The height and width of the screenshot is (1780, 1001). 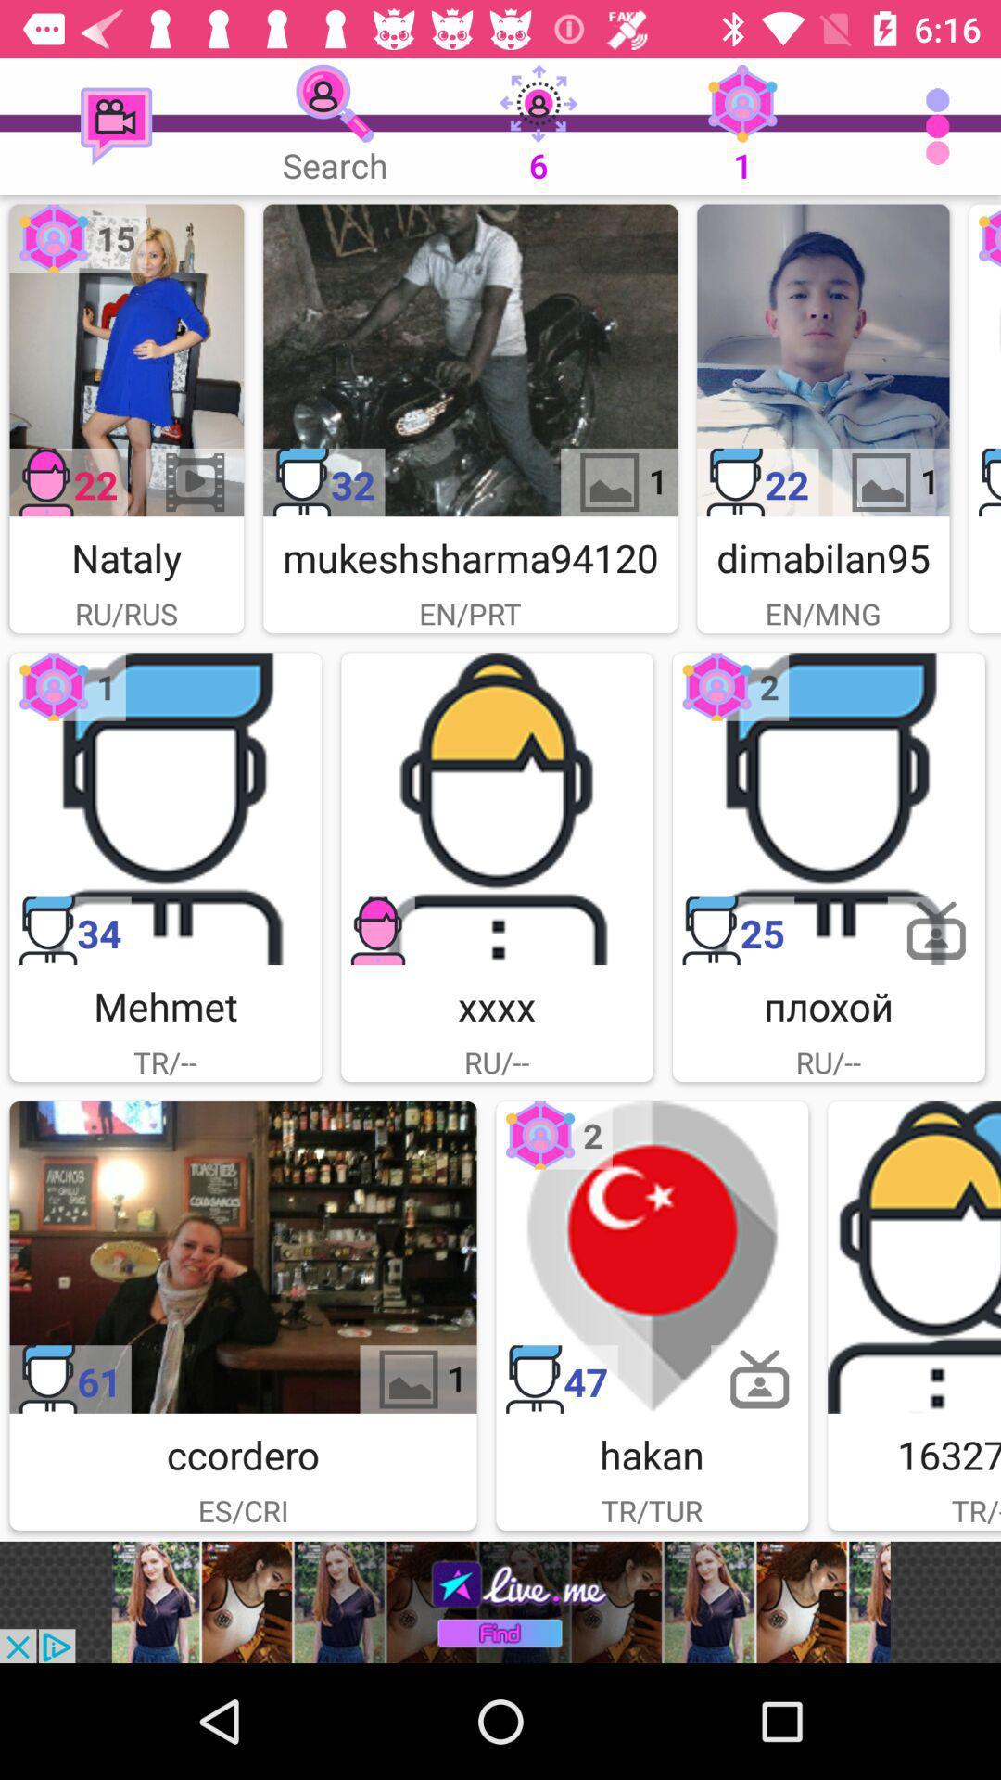 What do you see at coordinates (651, 1257) in the screenshot?
I see `this tile` at bounding box center [651, 1257].